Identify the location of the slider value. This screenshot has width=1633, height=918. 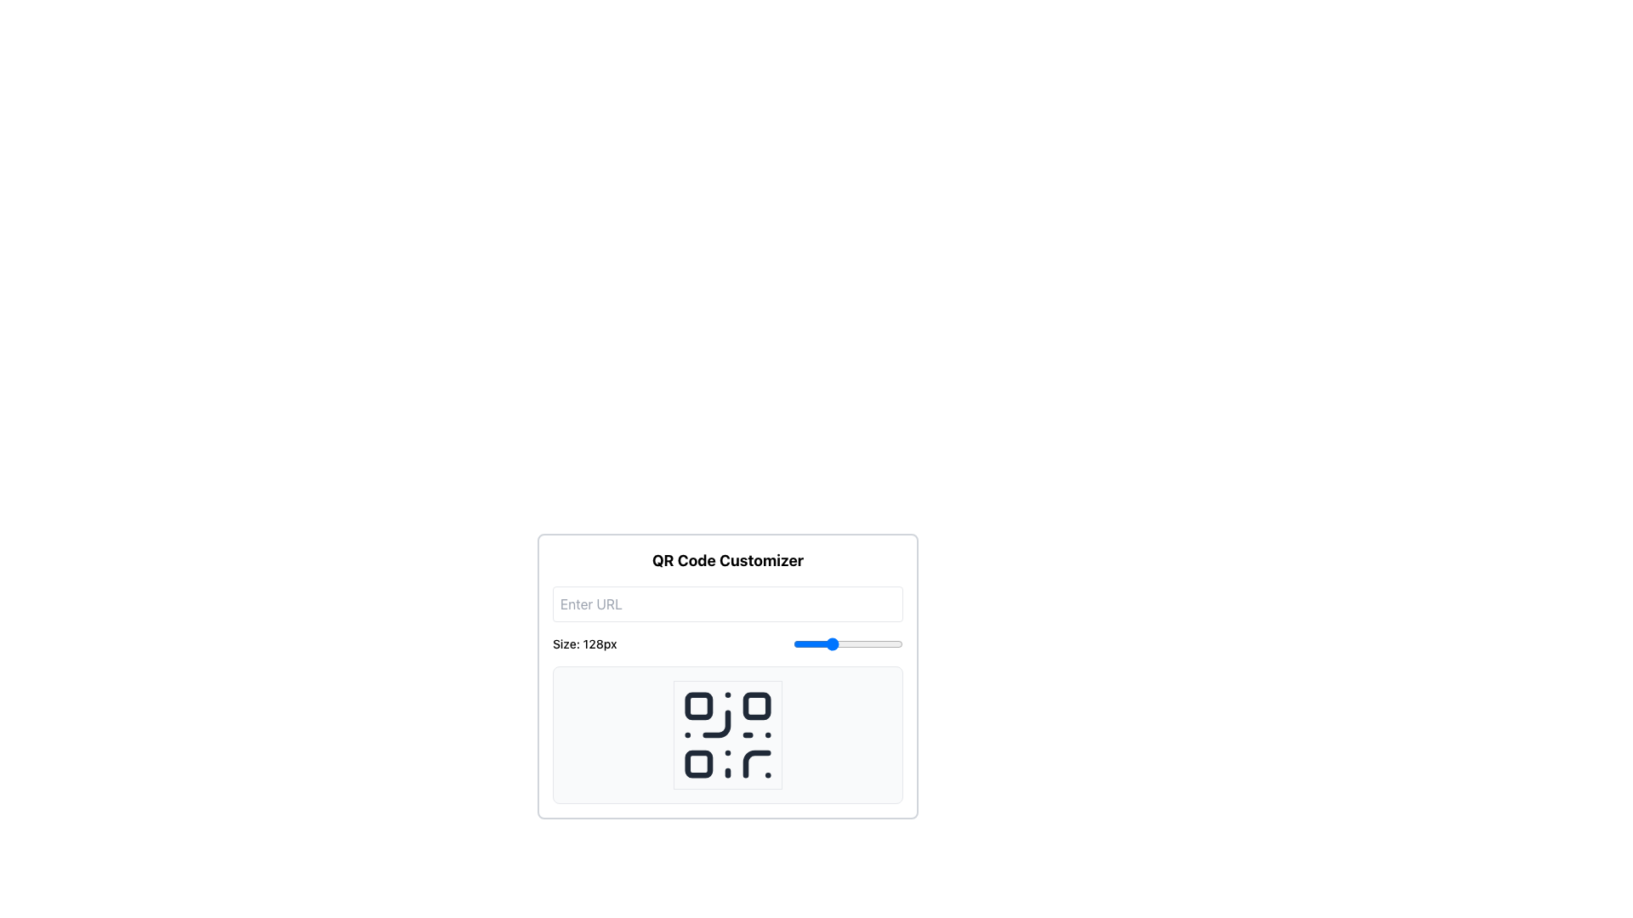
(877, 644).